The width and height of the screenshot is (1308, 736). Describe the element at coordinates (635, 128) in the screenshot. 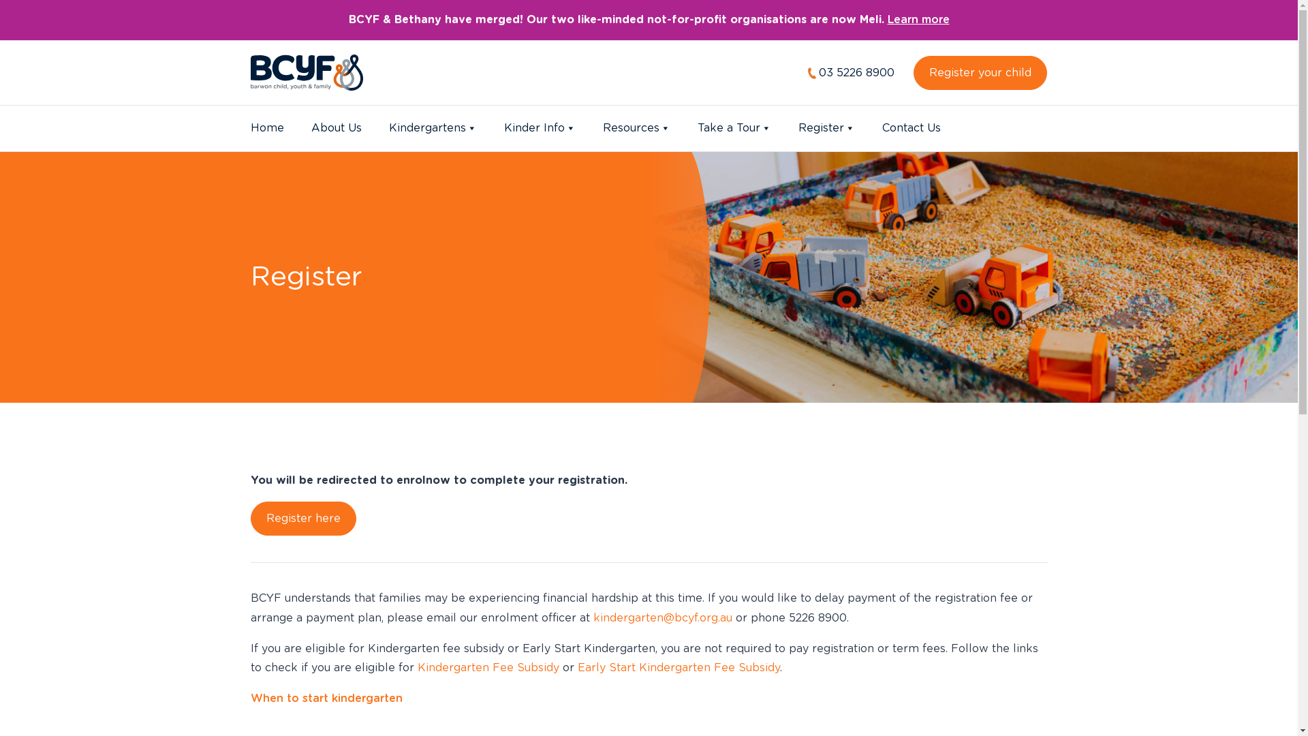

I see `'Resources'` at that location.